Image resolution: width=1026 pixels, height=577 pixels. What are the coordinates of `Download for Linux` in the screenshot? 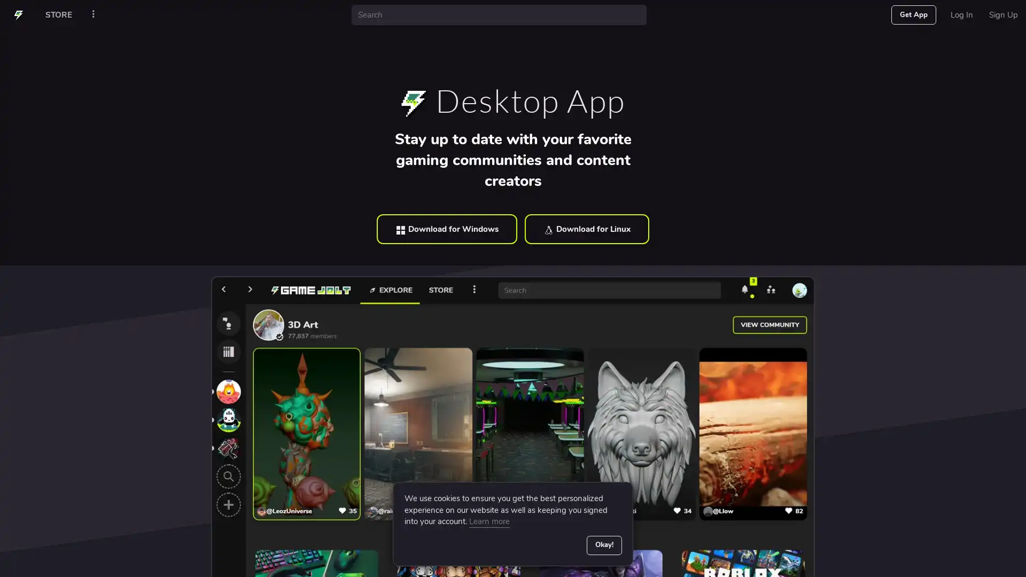 It's located at (586, 228).